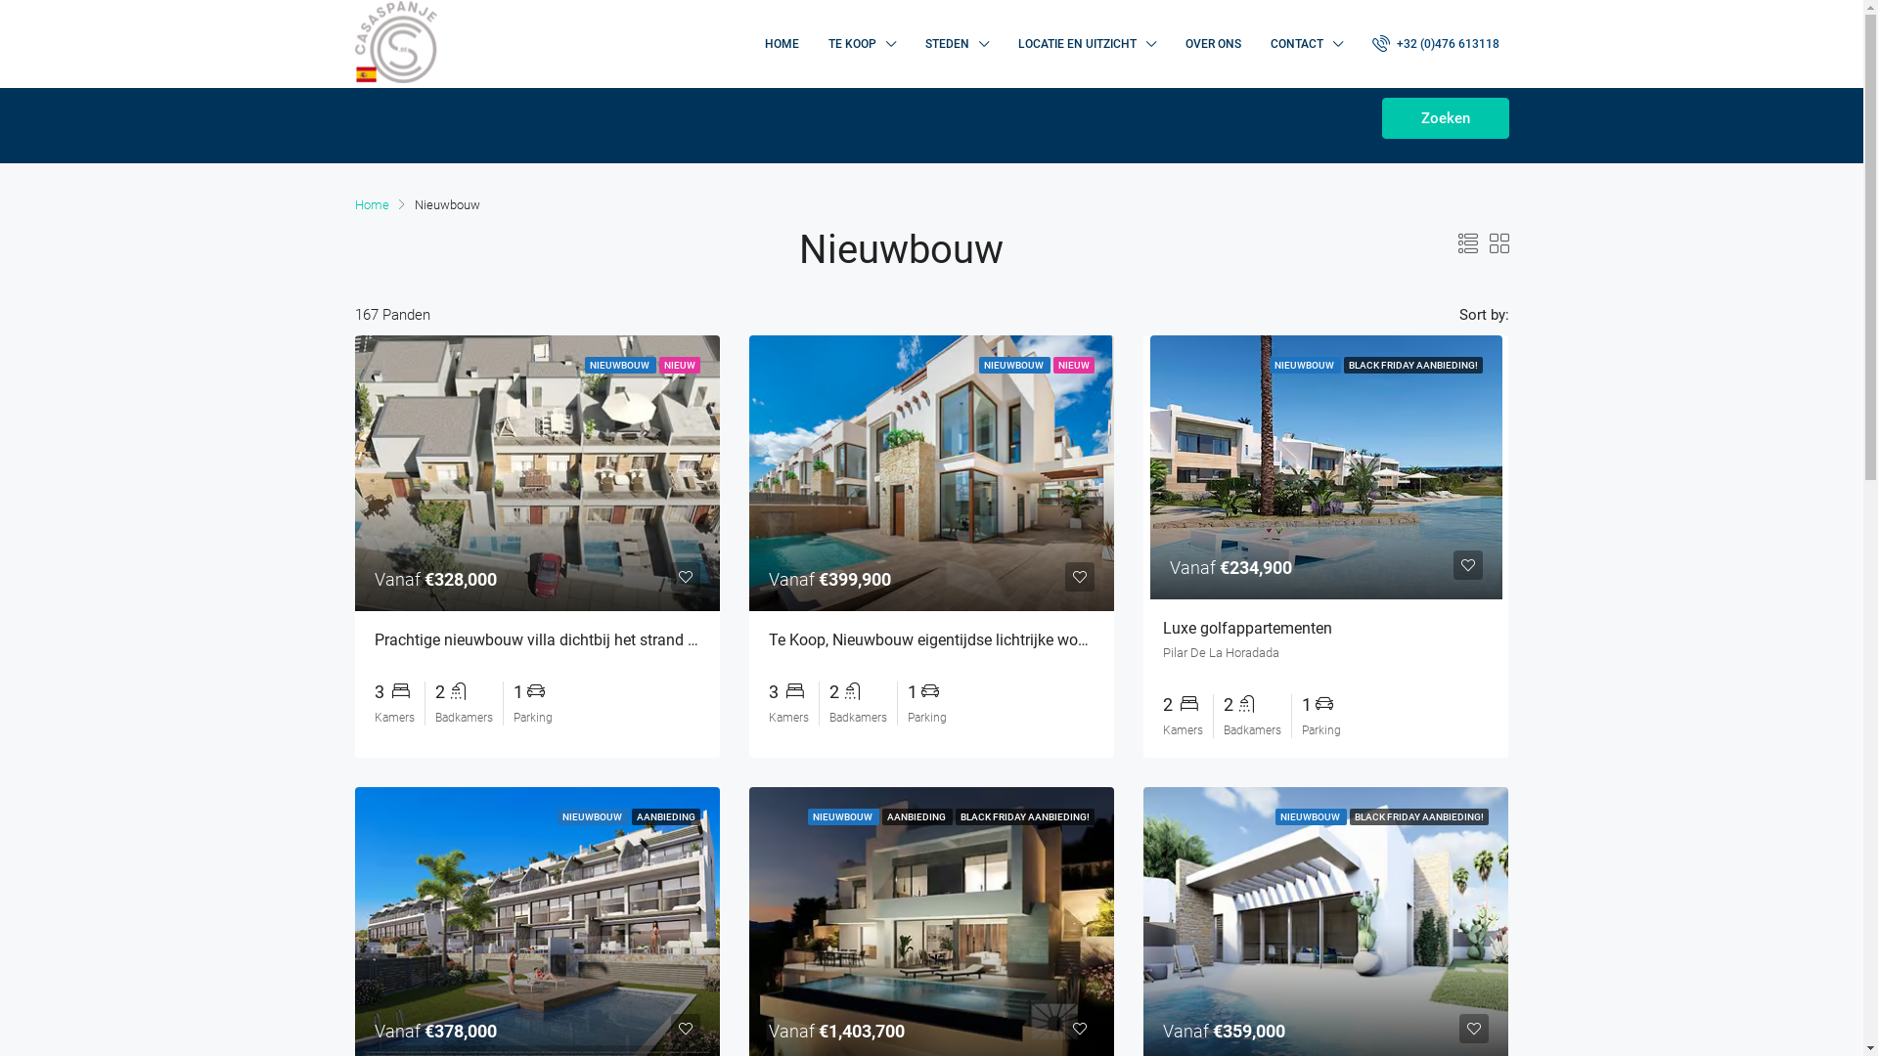 The height and width of the screenshot is (1056, 1878). Describe the element at coordinates (680, 365) in the screenshot. I see `'NIEUW'` at that location.